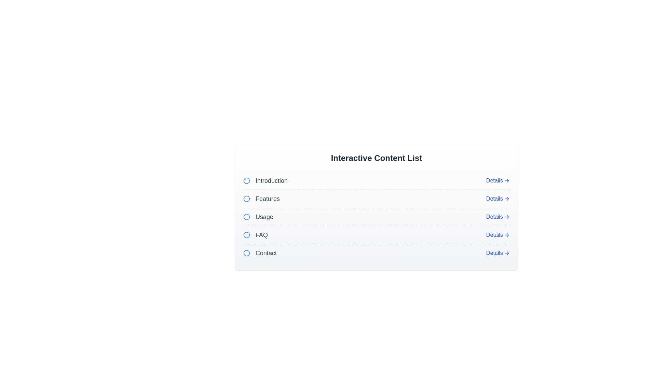 The width and height of the screenshot is (656, 369). Describe the element at coordinates (376, 199) in the screenshot. I see `the 'Details' link in the second row of the list item that includes a radio button` at that location.